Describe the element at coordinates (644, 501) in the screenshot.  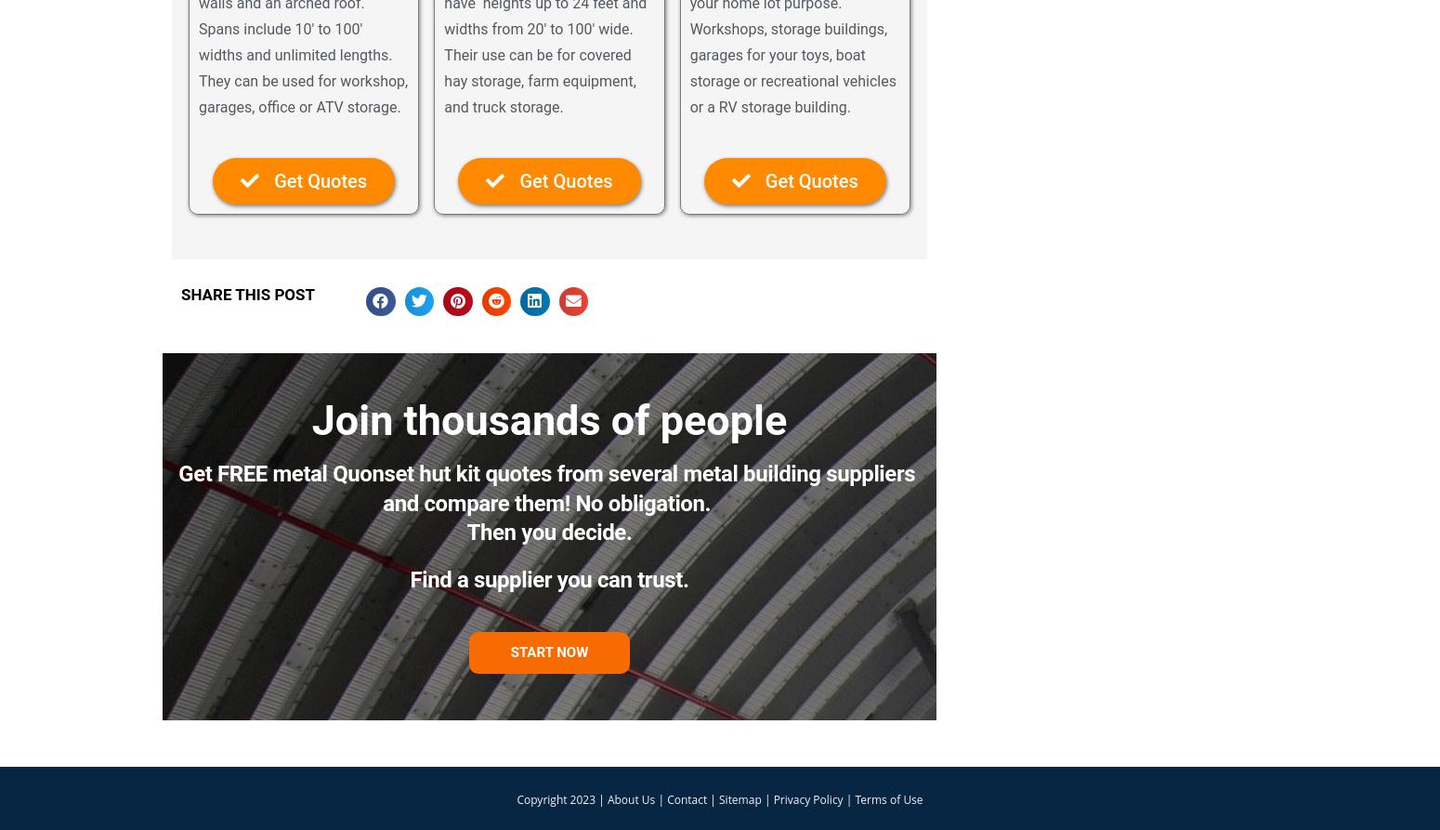
I see `'No obligation.'` at that location.